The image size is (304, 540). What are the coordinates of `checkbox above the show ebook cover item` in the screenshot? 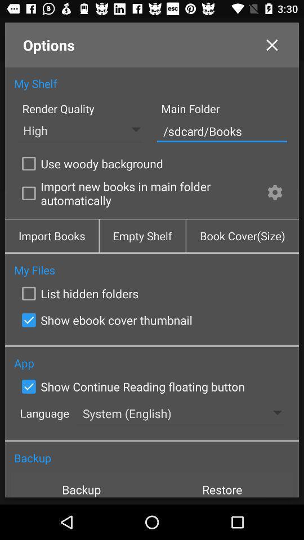 It's located at (77, 293).